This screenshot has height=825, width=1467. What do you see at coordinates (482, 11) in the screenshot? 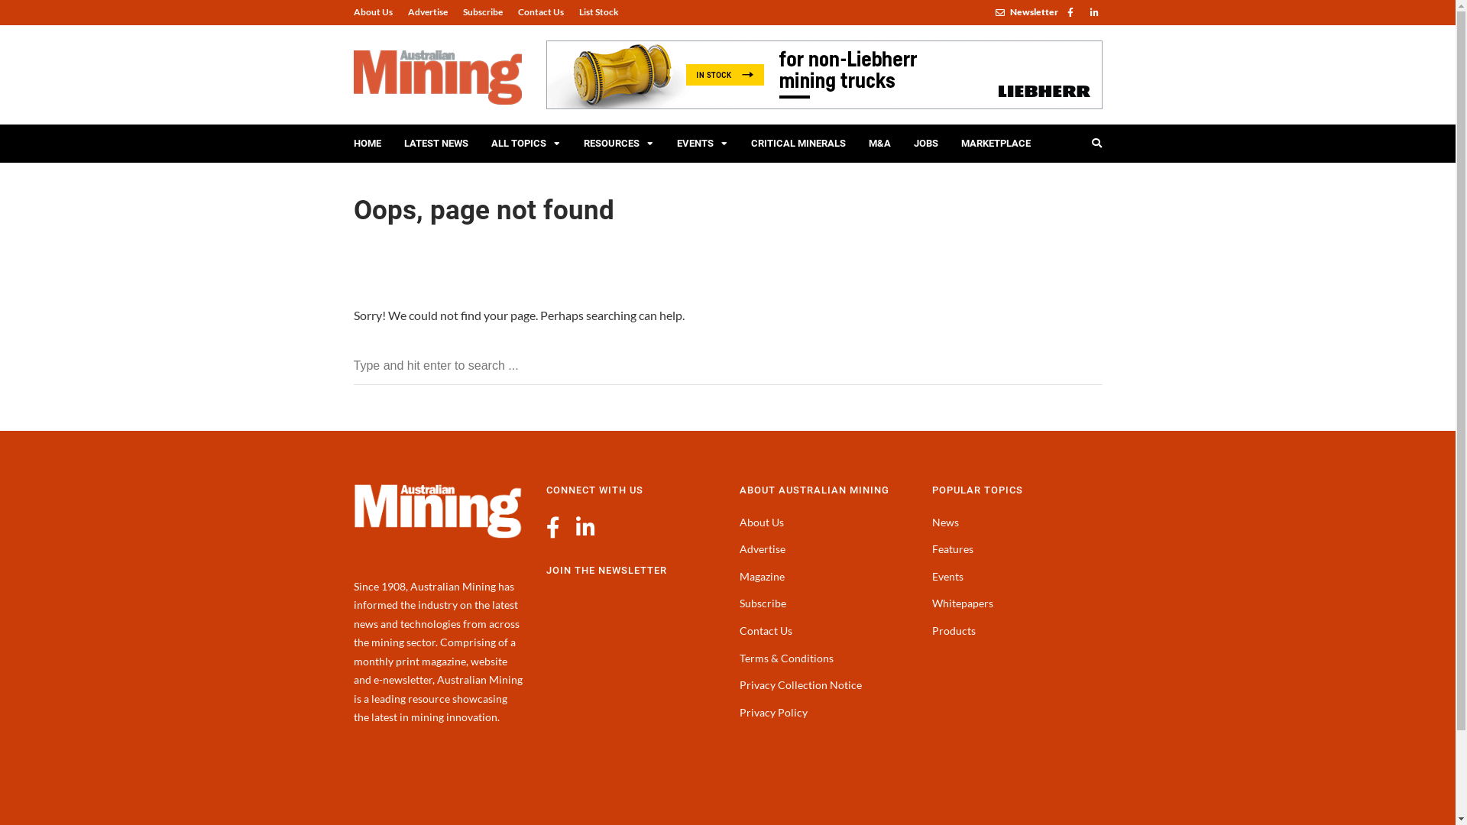
I see `'Subscribe'` at bounding box center [482, 11].